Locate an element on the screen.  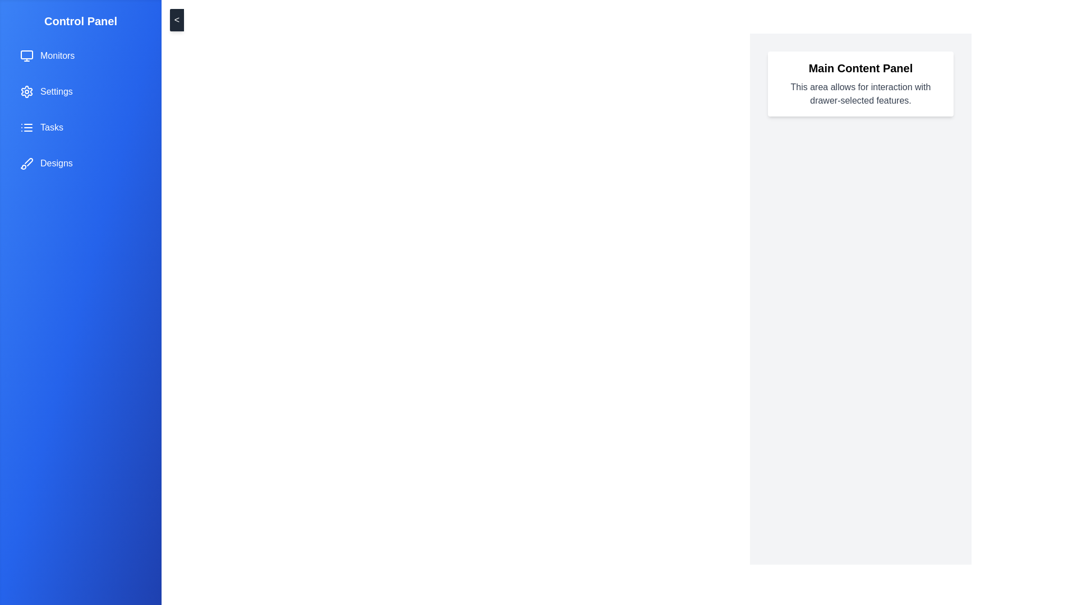
the menu item labeled Settings from the drawer is located at coordinates (80, 91).